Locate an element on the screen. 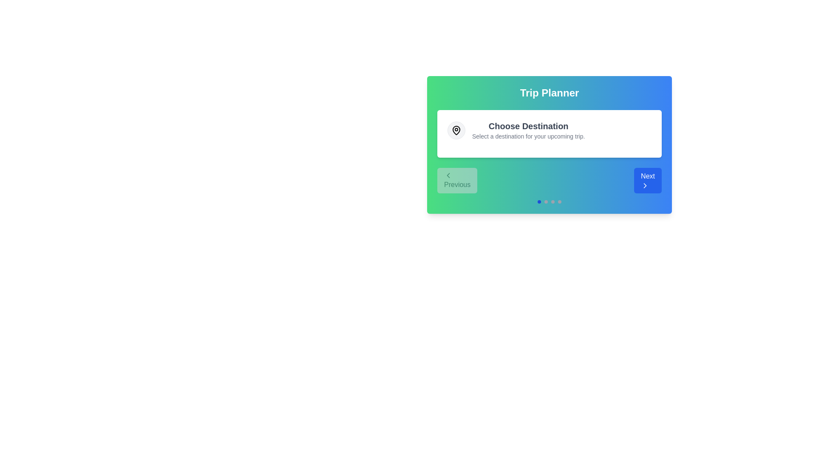  the circular icon with a light gray background and a black outlined pin symbol, located at the top-left corner of the card layout containing 'Choose Destination' is located at coordinates (456, 130).